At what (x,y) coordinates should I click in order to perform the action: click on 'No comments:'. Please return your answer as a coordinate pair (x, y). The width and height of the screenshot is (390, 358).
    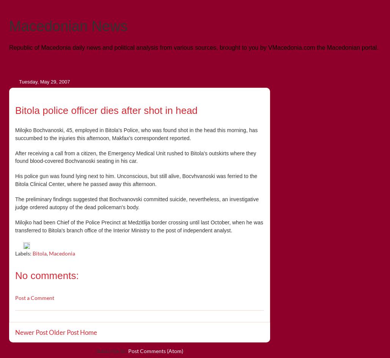
    Looking at the image, I should click on (46, 274).